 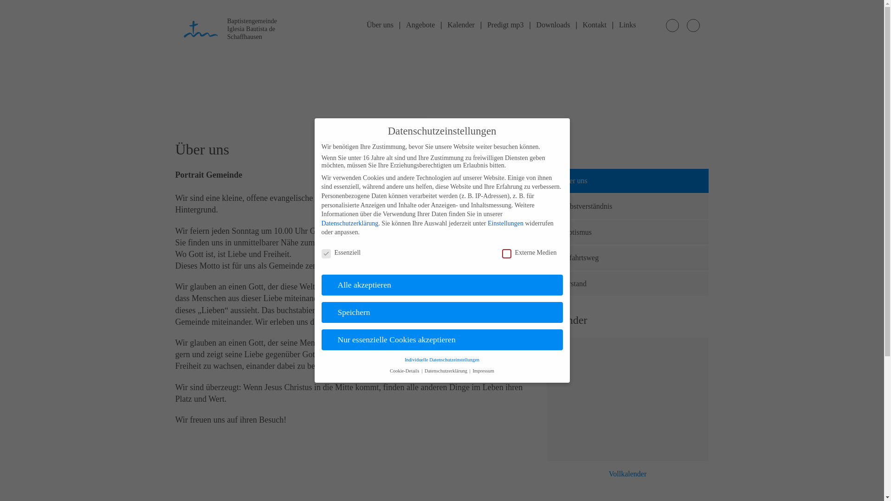 I want to click on 'Predigt mp3', so click(x=505, y=24).